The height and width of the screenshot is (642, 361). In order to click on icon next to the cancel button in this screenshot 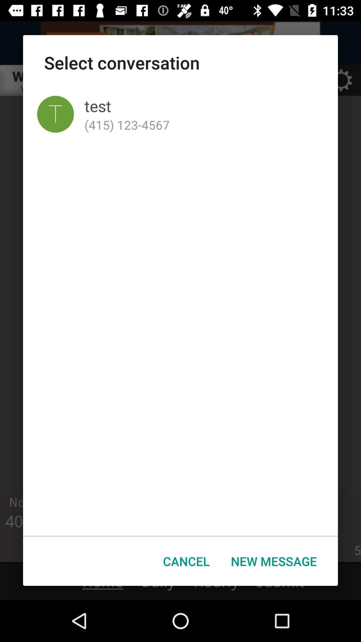, I will do `click(274, 561)`.